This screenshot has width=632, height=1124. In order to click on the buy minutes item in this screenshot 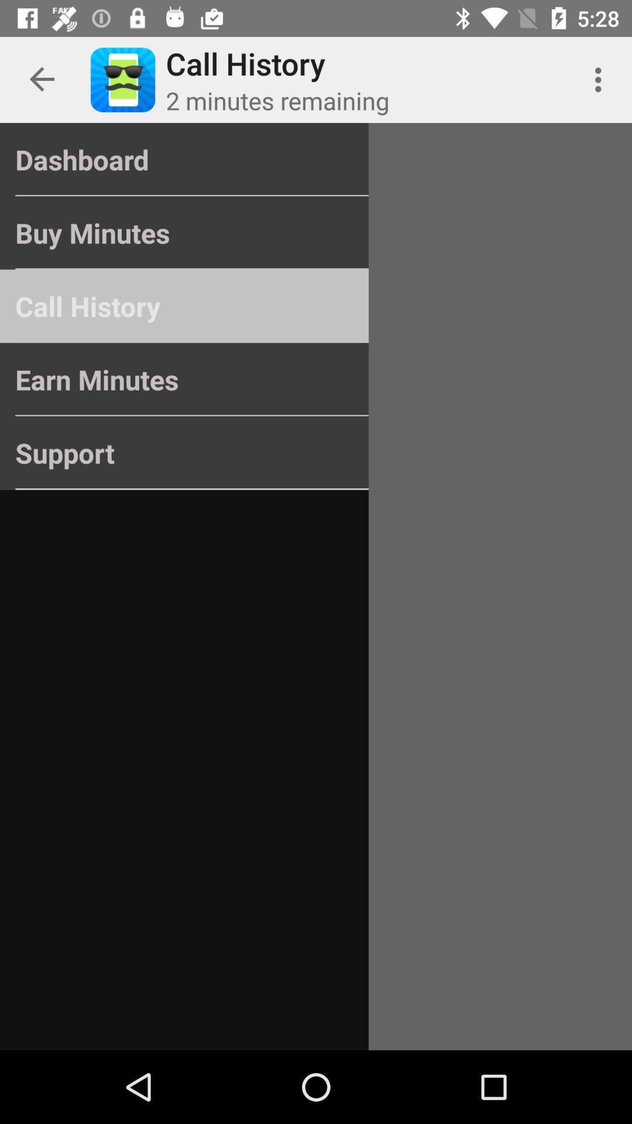, I will do `click(184, 233)`.